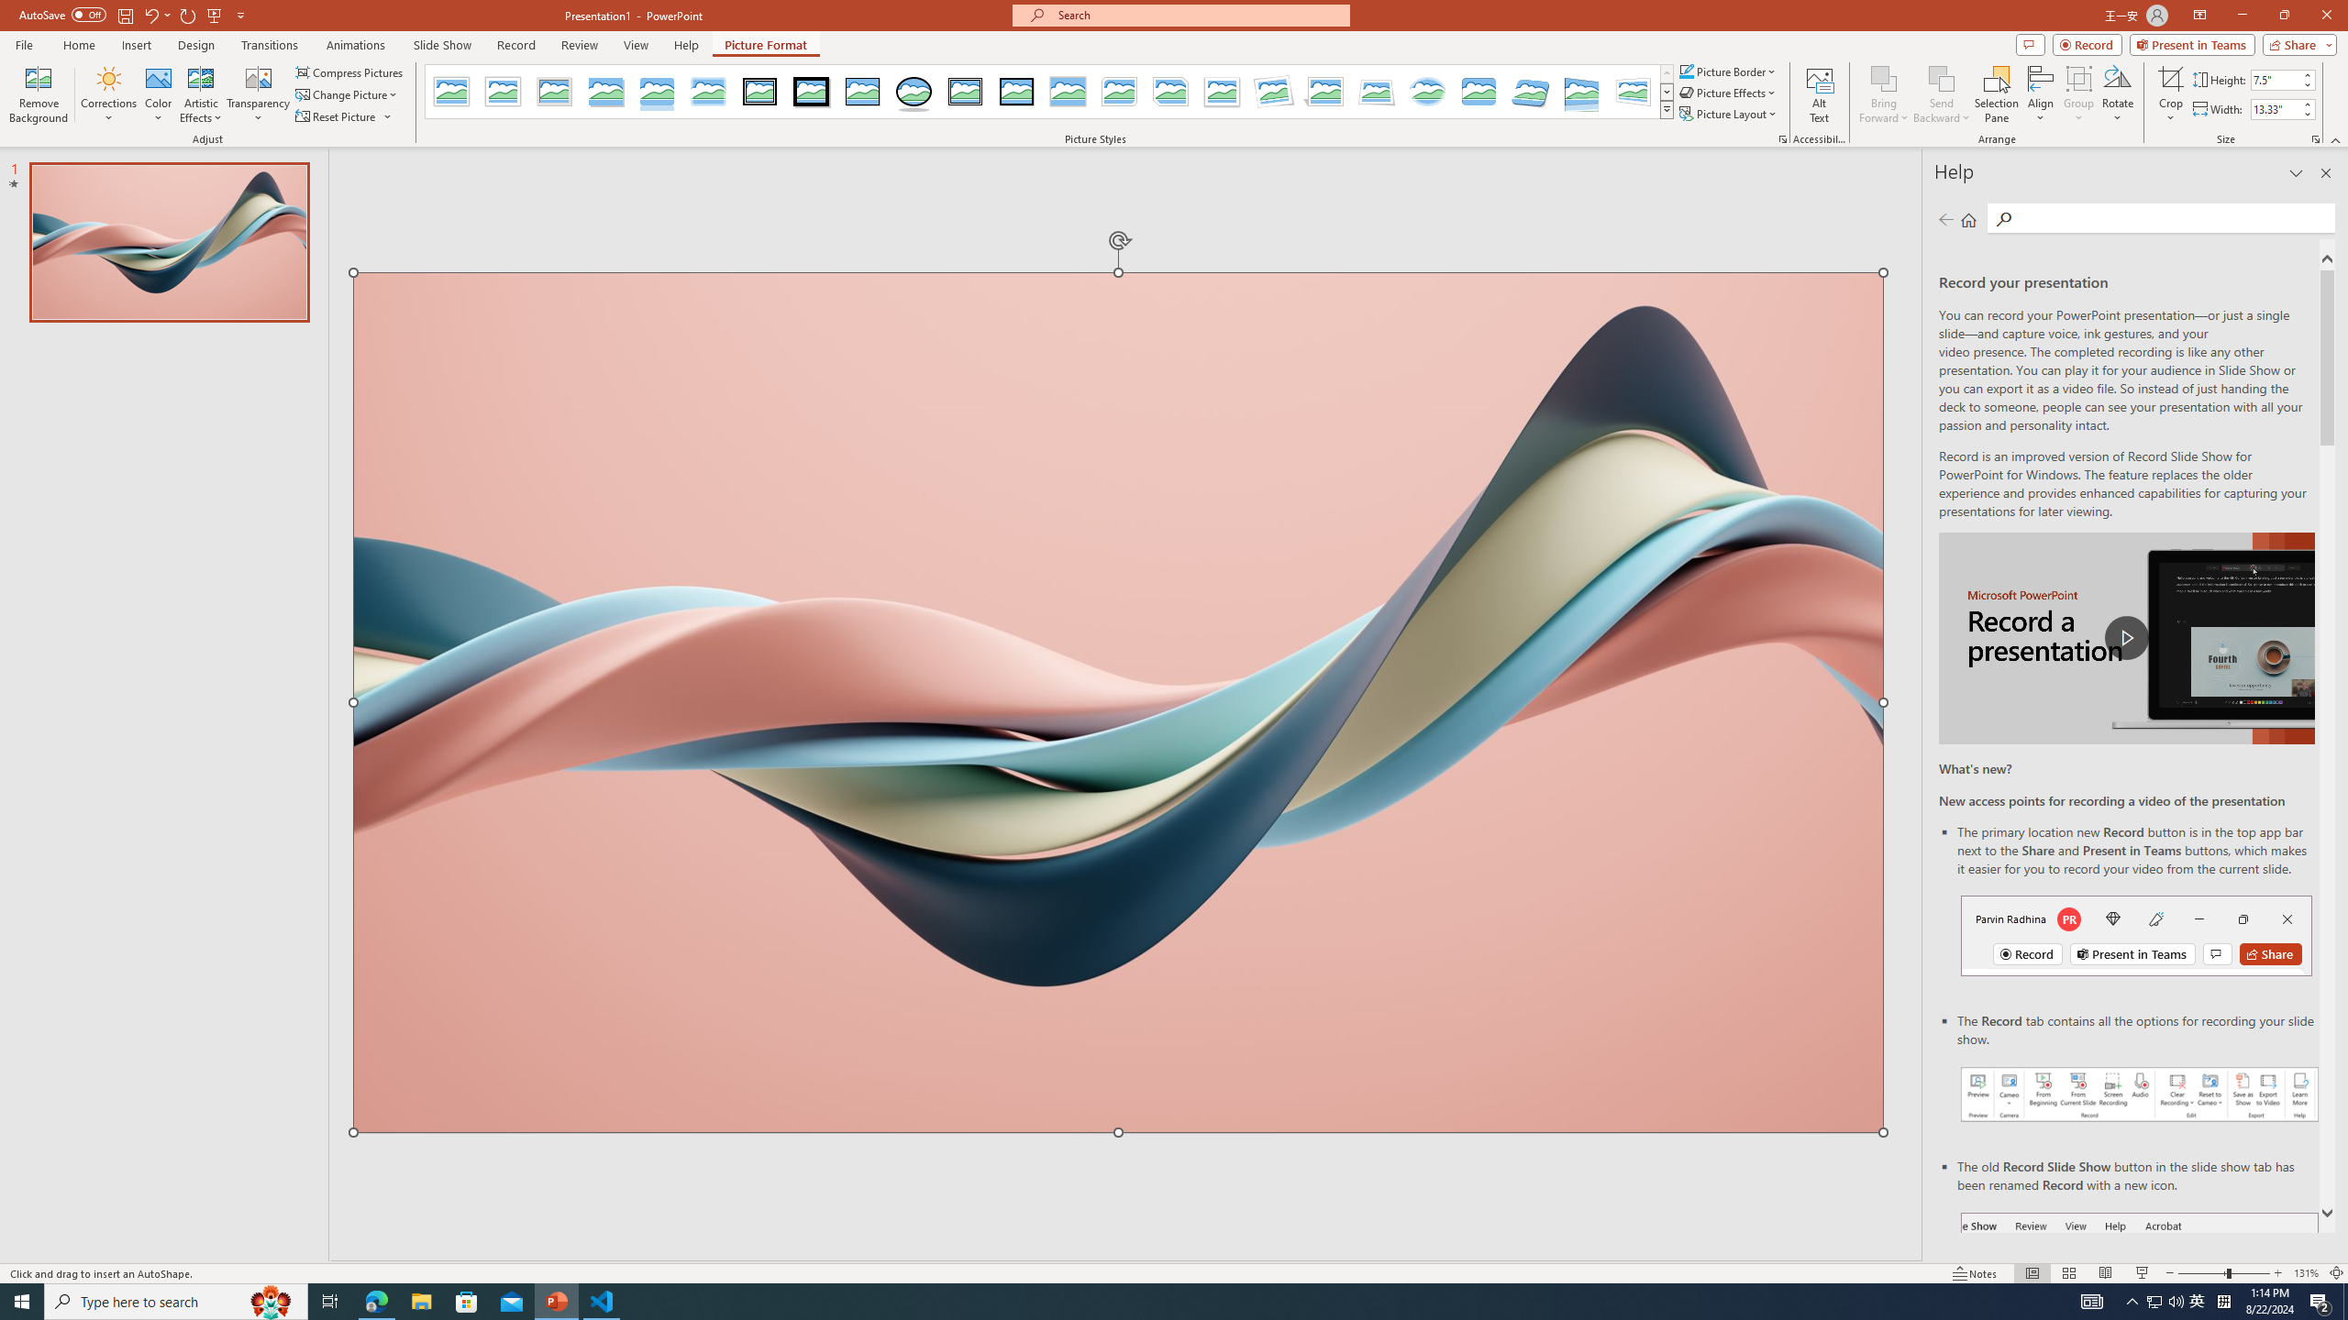 This screenshot has width=2348, height=1320. What do you see at coordinates (1728, 112) in the screenshot?
I see `'Picture Layout'` at bounding box center [1728, 112].